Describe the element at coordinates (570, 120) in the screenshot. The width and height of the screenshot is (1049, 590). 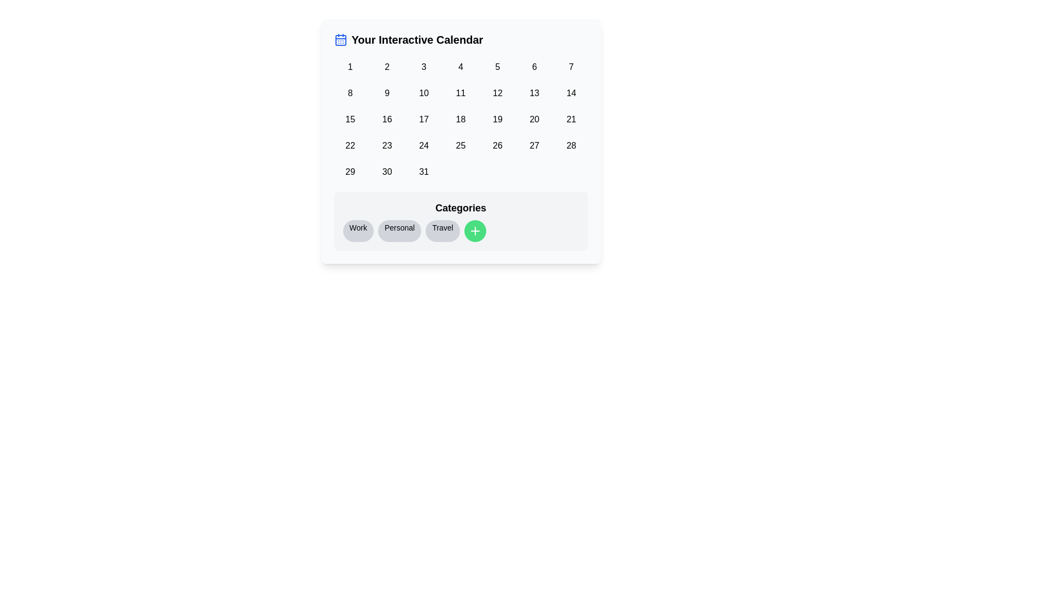
I see `the rounded rectangular button displaying '21' in bold black font located in the sixth row and seventh column of the calendar grid` at that location.